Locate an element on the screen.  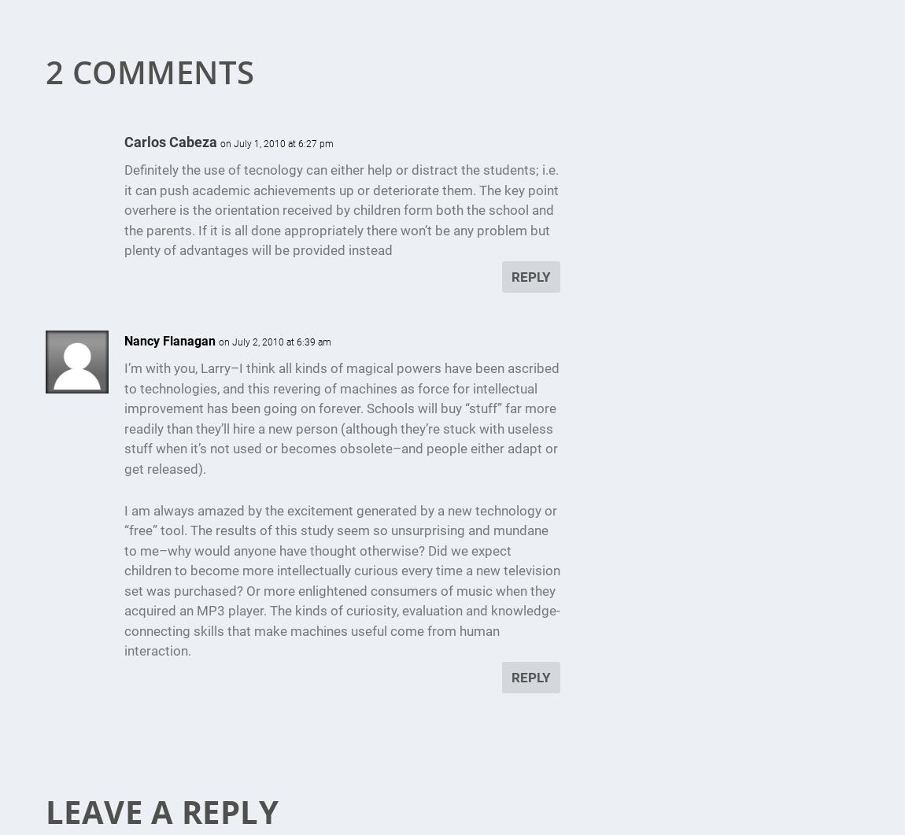
'2 Comments' is located at coordinates (148, 72).